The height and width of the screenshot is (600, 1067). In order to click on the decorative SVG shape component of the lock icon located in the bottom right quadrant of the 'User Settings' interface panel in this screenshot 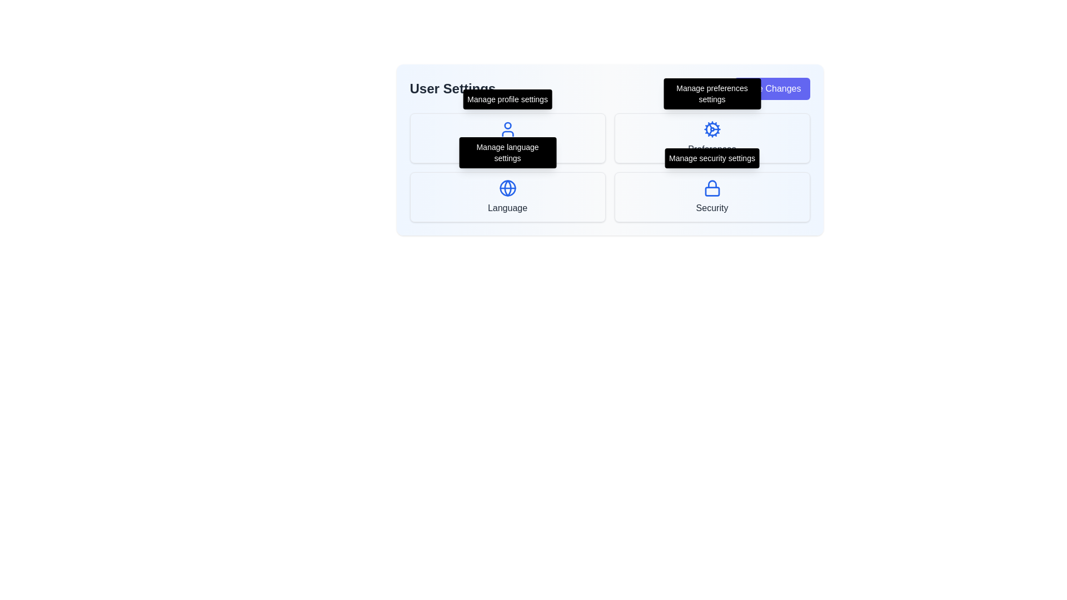, I will do `click(712, 191)`.